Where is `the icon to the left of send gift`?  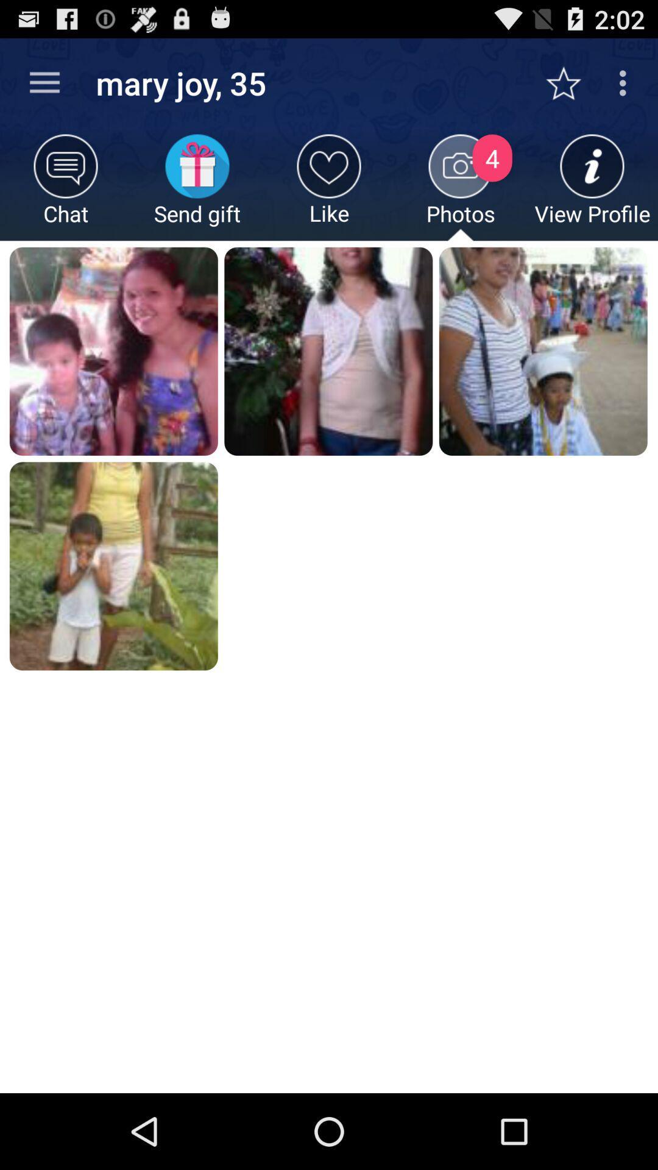
the icon to the left of send gift is located at coordinates (66, 186).